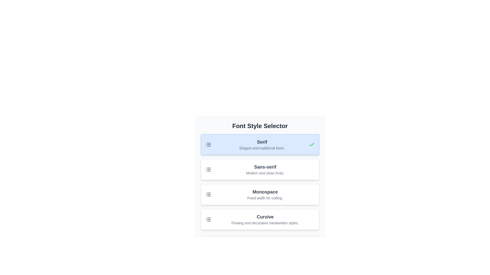  What do you see at coordinates (312, 144) in the screenshot?
I see `the green checkmark icon that indicates confirmation within the font style selection list, specifically aligned with the highlighted 'Serif' option` at bounding box center [312, 144].